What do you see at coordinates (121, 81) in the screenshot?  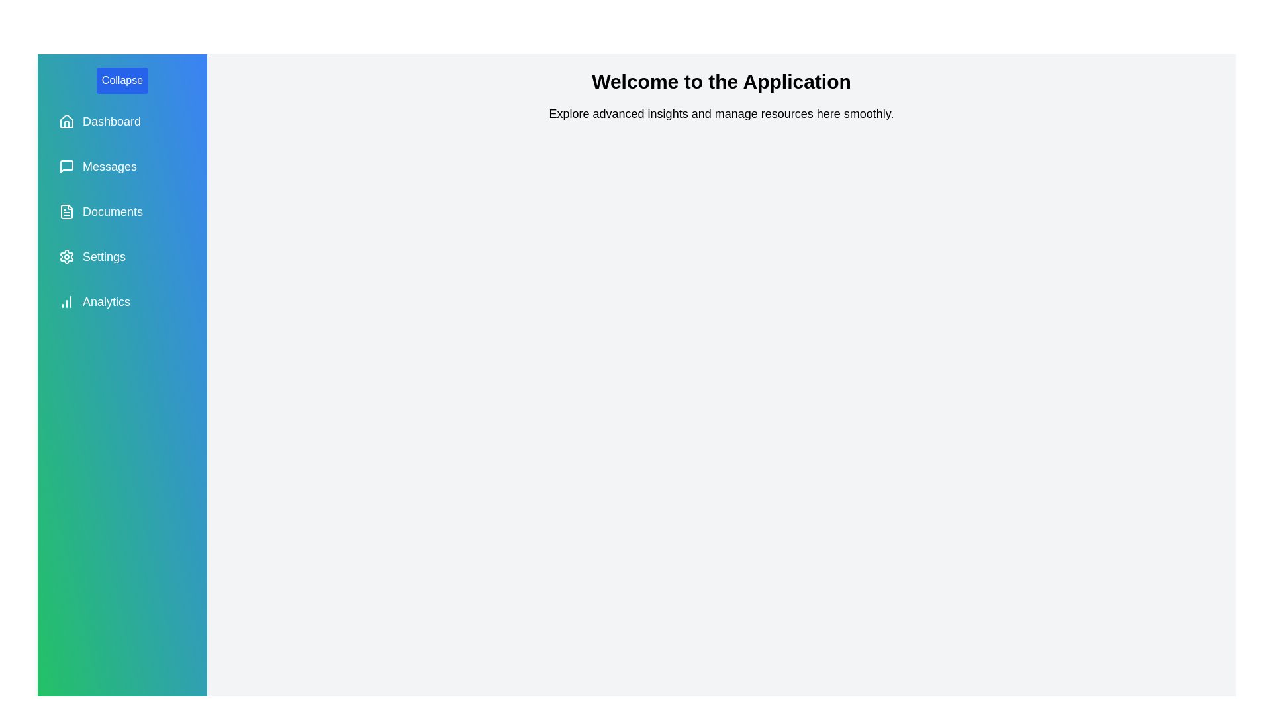 I see `the 'Collapse' button to toggle the drawer's state` at bounding box center [121, 81].